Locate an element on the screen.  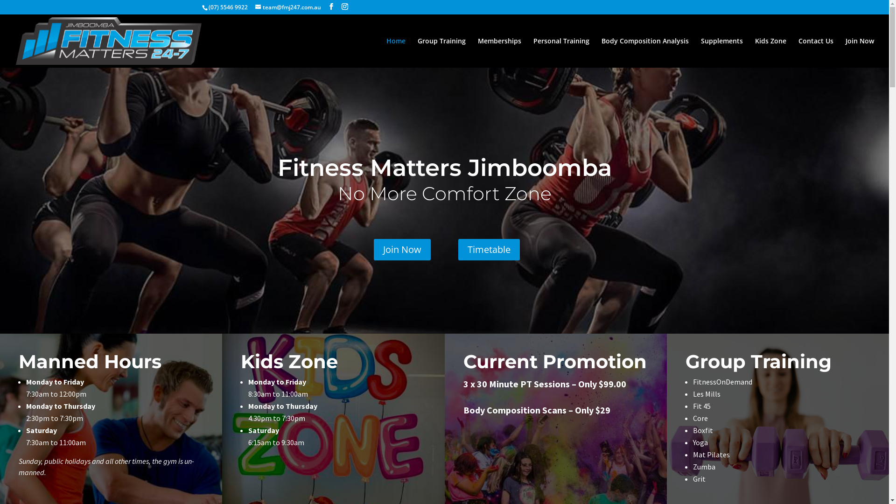
'Home' is located at coordinates (396, 52).